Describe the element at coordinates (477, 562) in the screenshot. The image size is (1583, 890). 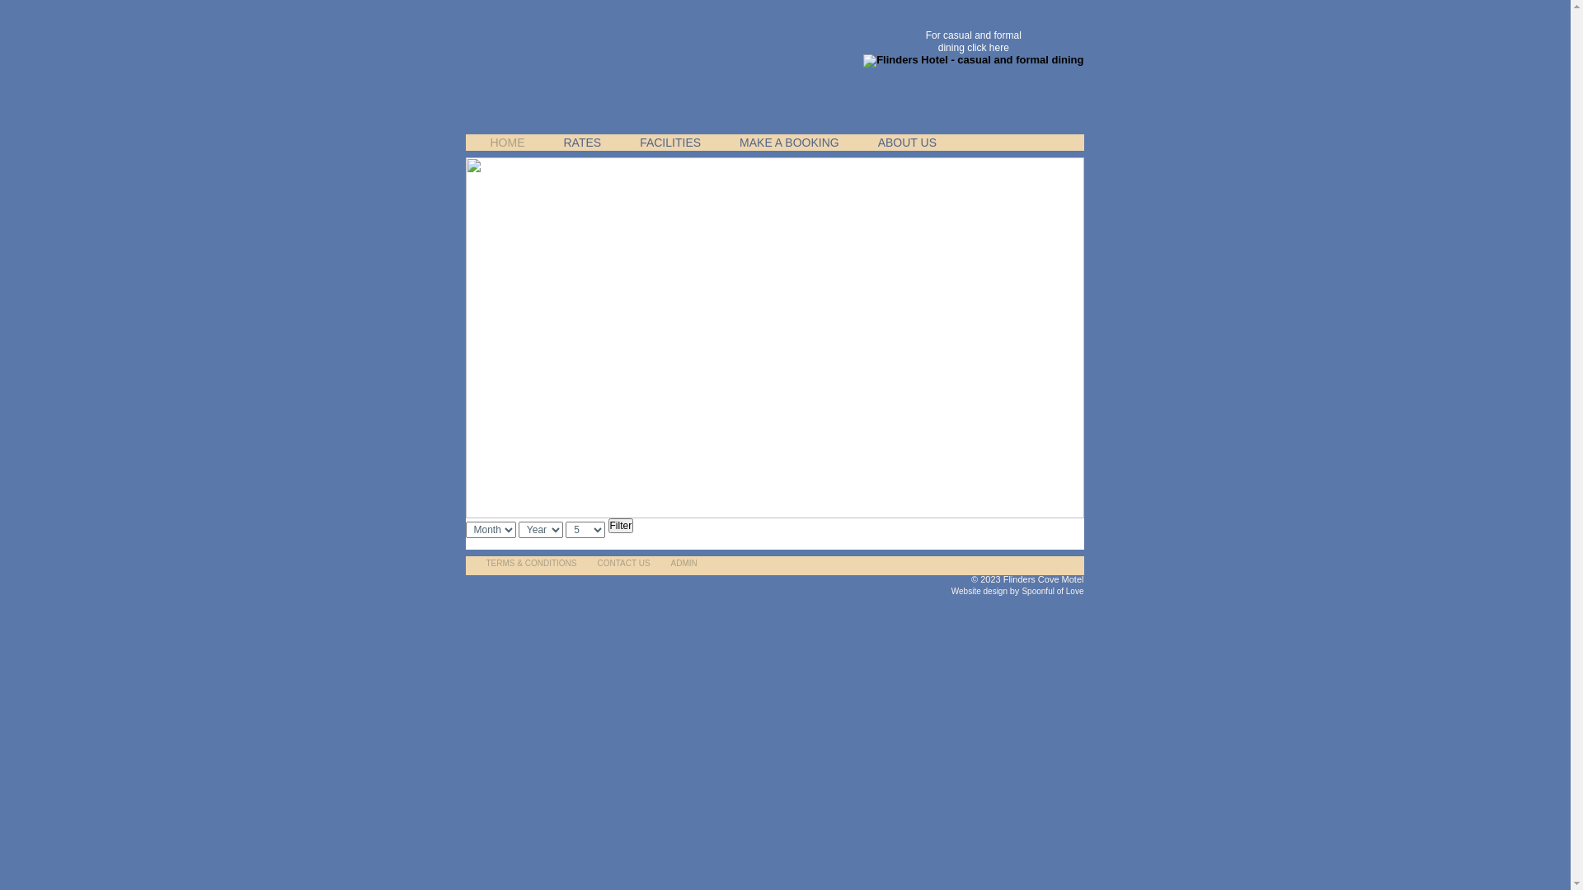
I see `'TERMS & CONDITIONS'` at that location.